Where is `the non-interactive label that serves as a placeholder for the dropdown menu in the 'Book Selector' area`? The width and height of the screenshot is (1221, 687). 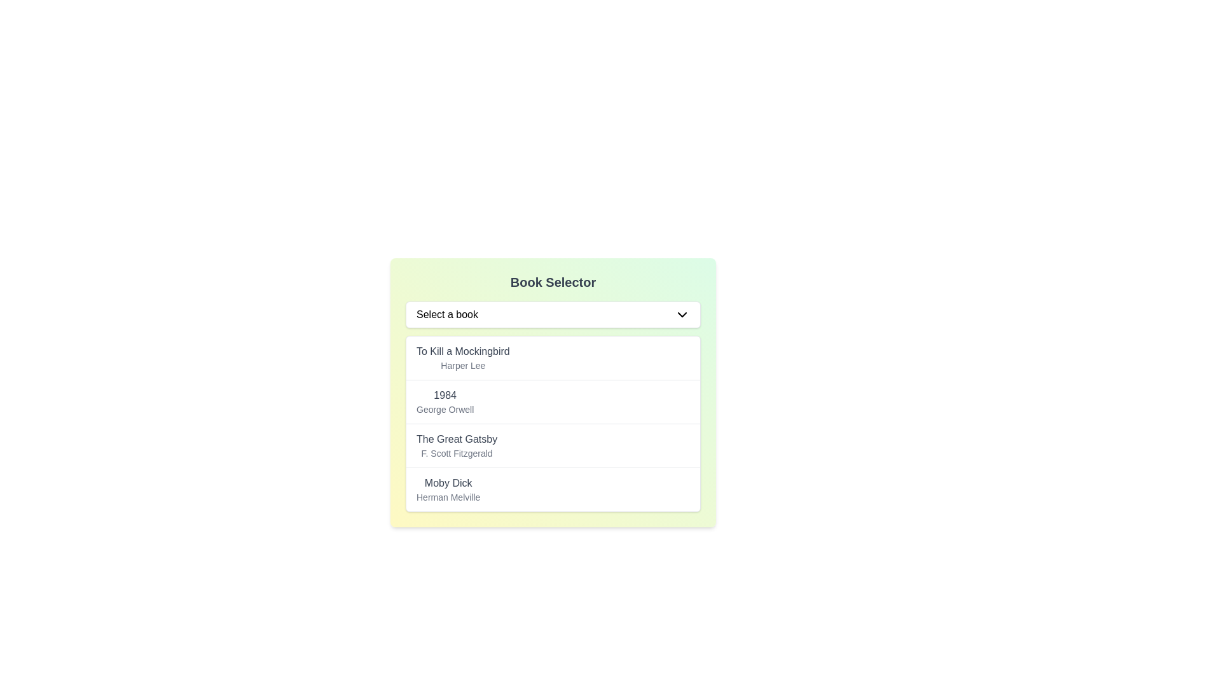 the non-interactive label that serves as a placeholder for the dropdown menu in the 'Book Selector' area is located at coordinates (447, 314).